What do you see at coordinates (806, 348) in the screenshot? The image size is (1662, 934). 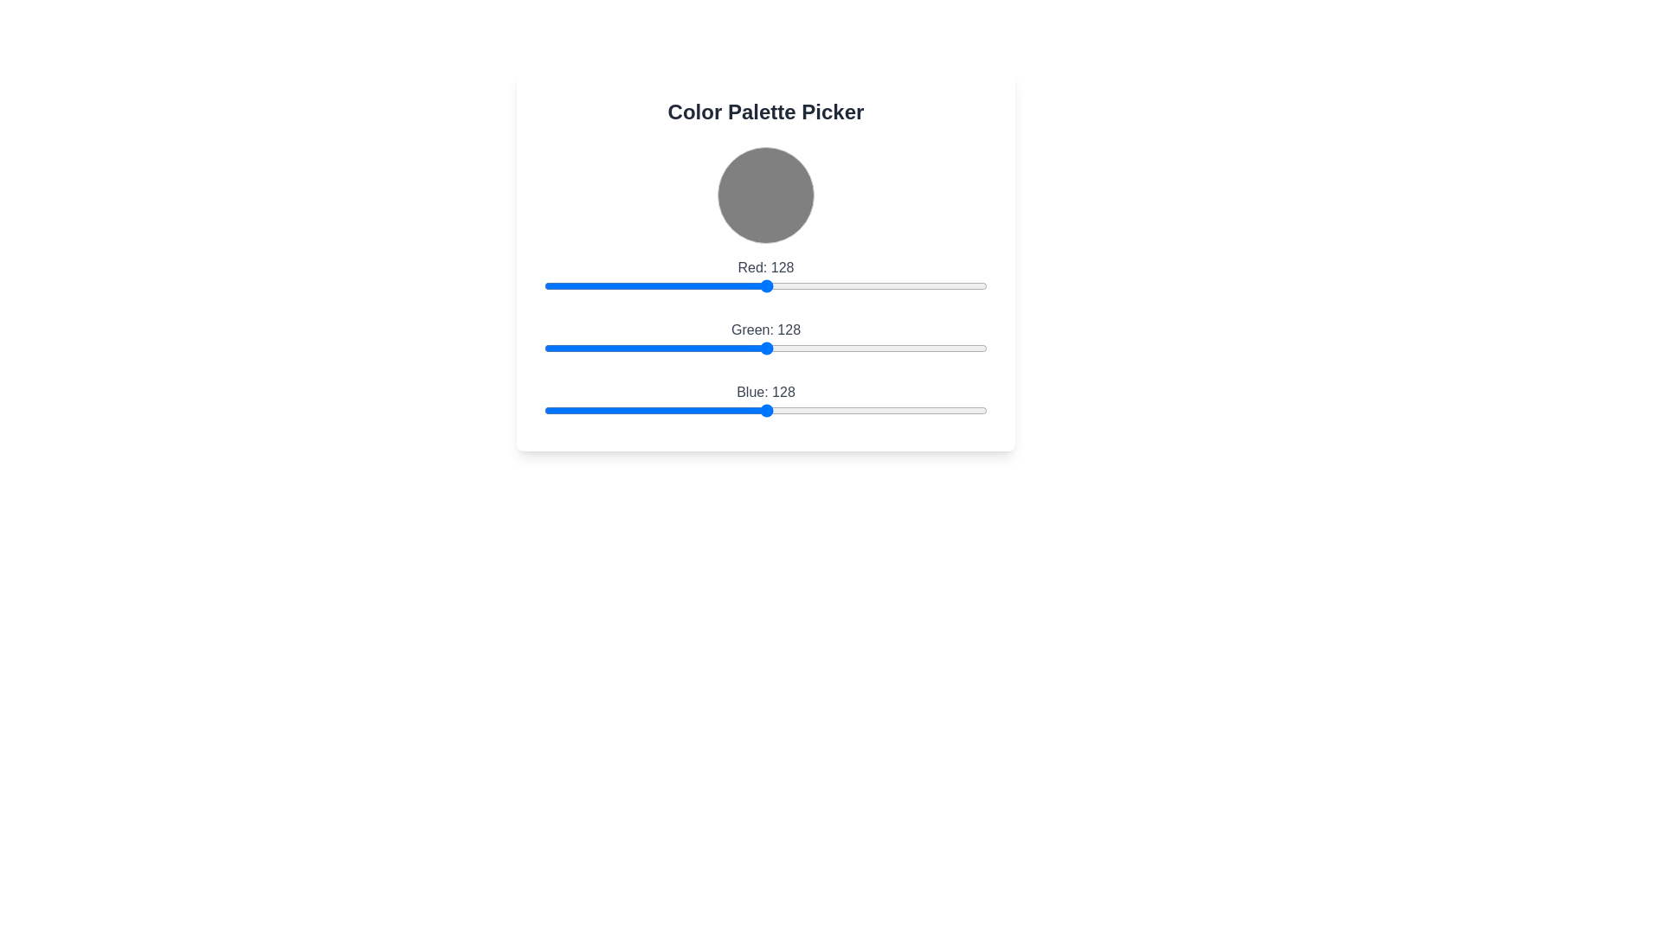 I see `the green value` at bounding box center [806, 348].